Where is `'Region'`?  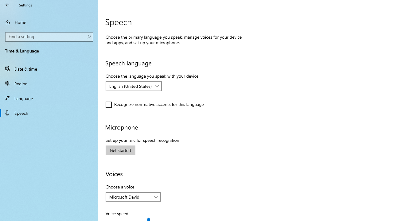
'Region' is located at coordinates (49, 83).